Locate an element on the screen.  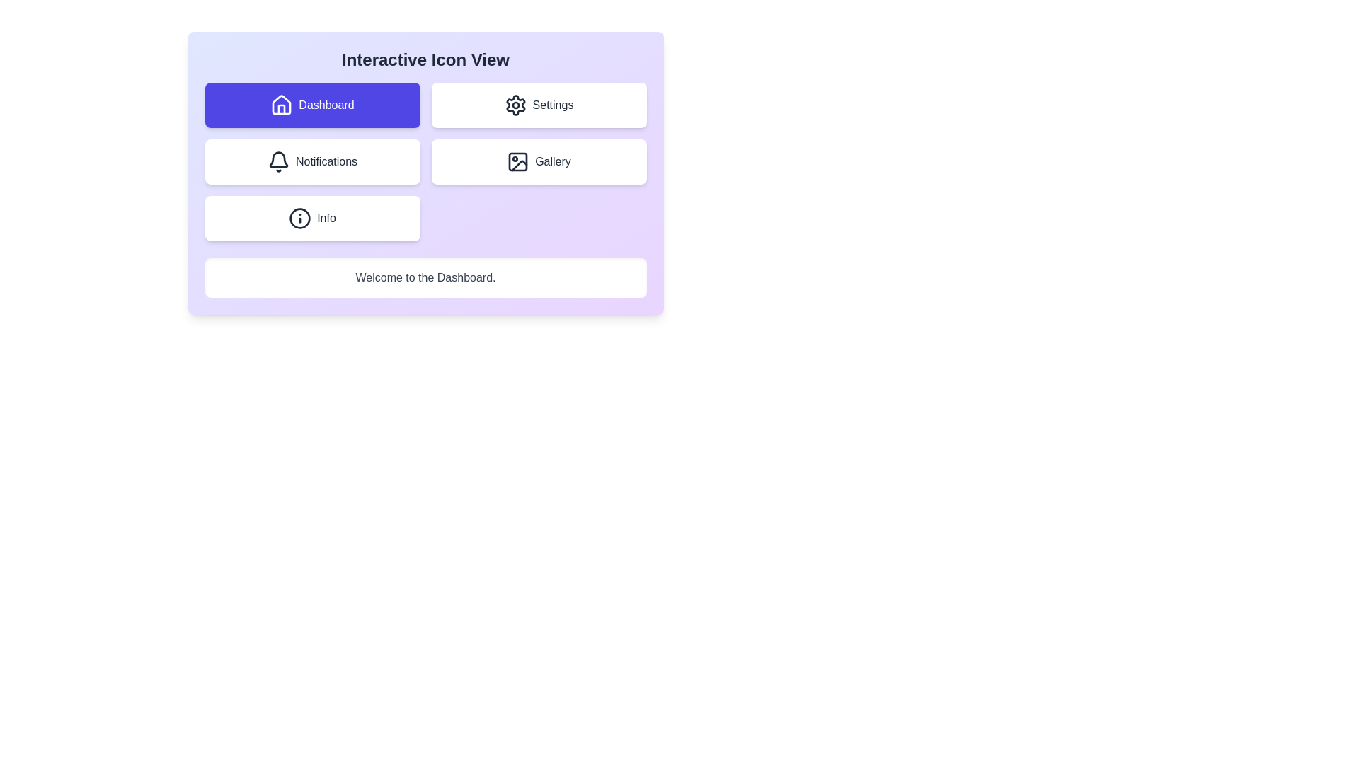
text content of the 'Gallery' text label, which is positioned below the 'Settings' button and to the right of an image icon is located at coordinates (552, 161).